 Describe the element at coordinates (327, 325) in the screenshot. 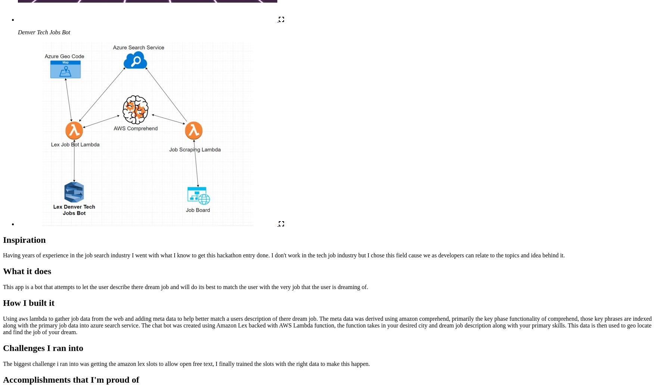

I see `'Using aws lambda to gather job data from the web and adding meta data to help better match a users description of there dream job. The meta data was derived using amazon comprehend, primarily the key phase functionality of comprehend, those key phrases are indexed along with the primary job data into azure search service. The chat bot was created using Amazon Lex backed with AWS Lambda function, the function takes in your desired city and dream job description along with your primary skills. This data is then used to geo locate and find the job of your dream.'` at that location.